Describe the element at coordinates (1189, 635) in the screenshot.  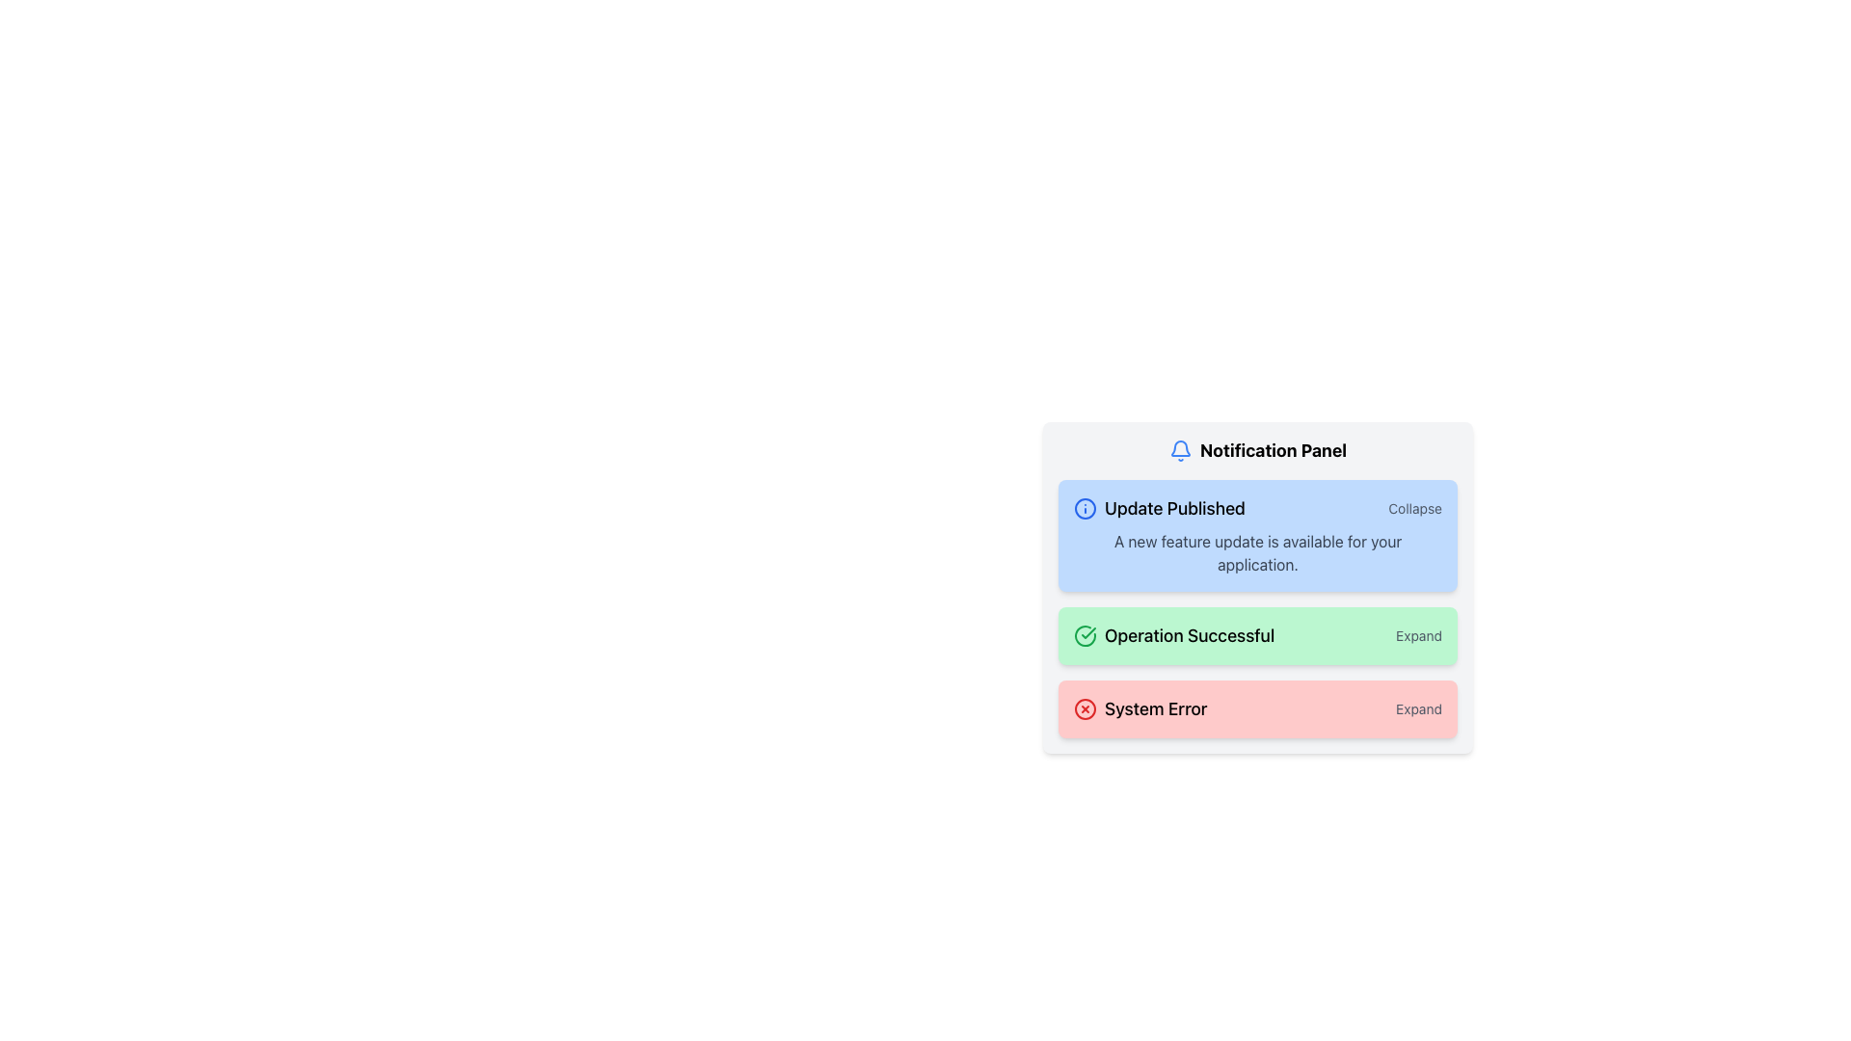
I see `the text label displaying 'Operation Successful.' located in the green-highlighted section of the notification interface` at that location.